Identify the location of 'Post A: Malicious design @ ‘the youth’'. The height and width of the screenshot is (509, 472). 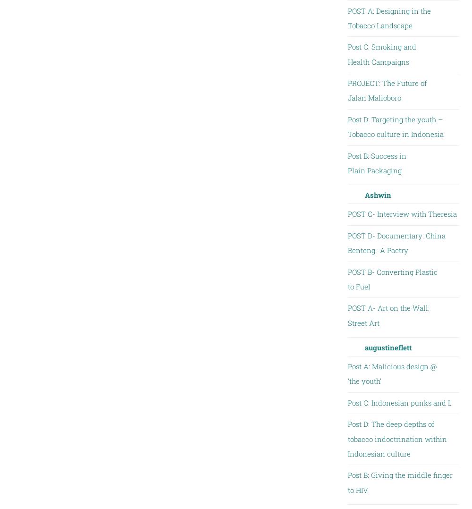
(391, 373).